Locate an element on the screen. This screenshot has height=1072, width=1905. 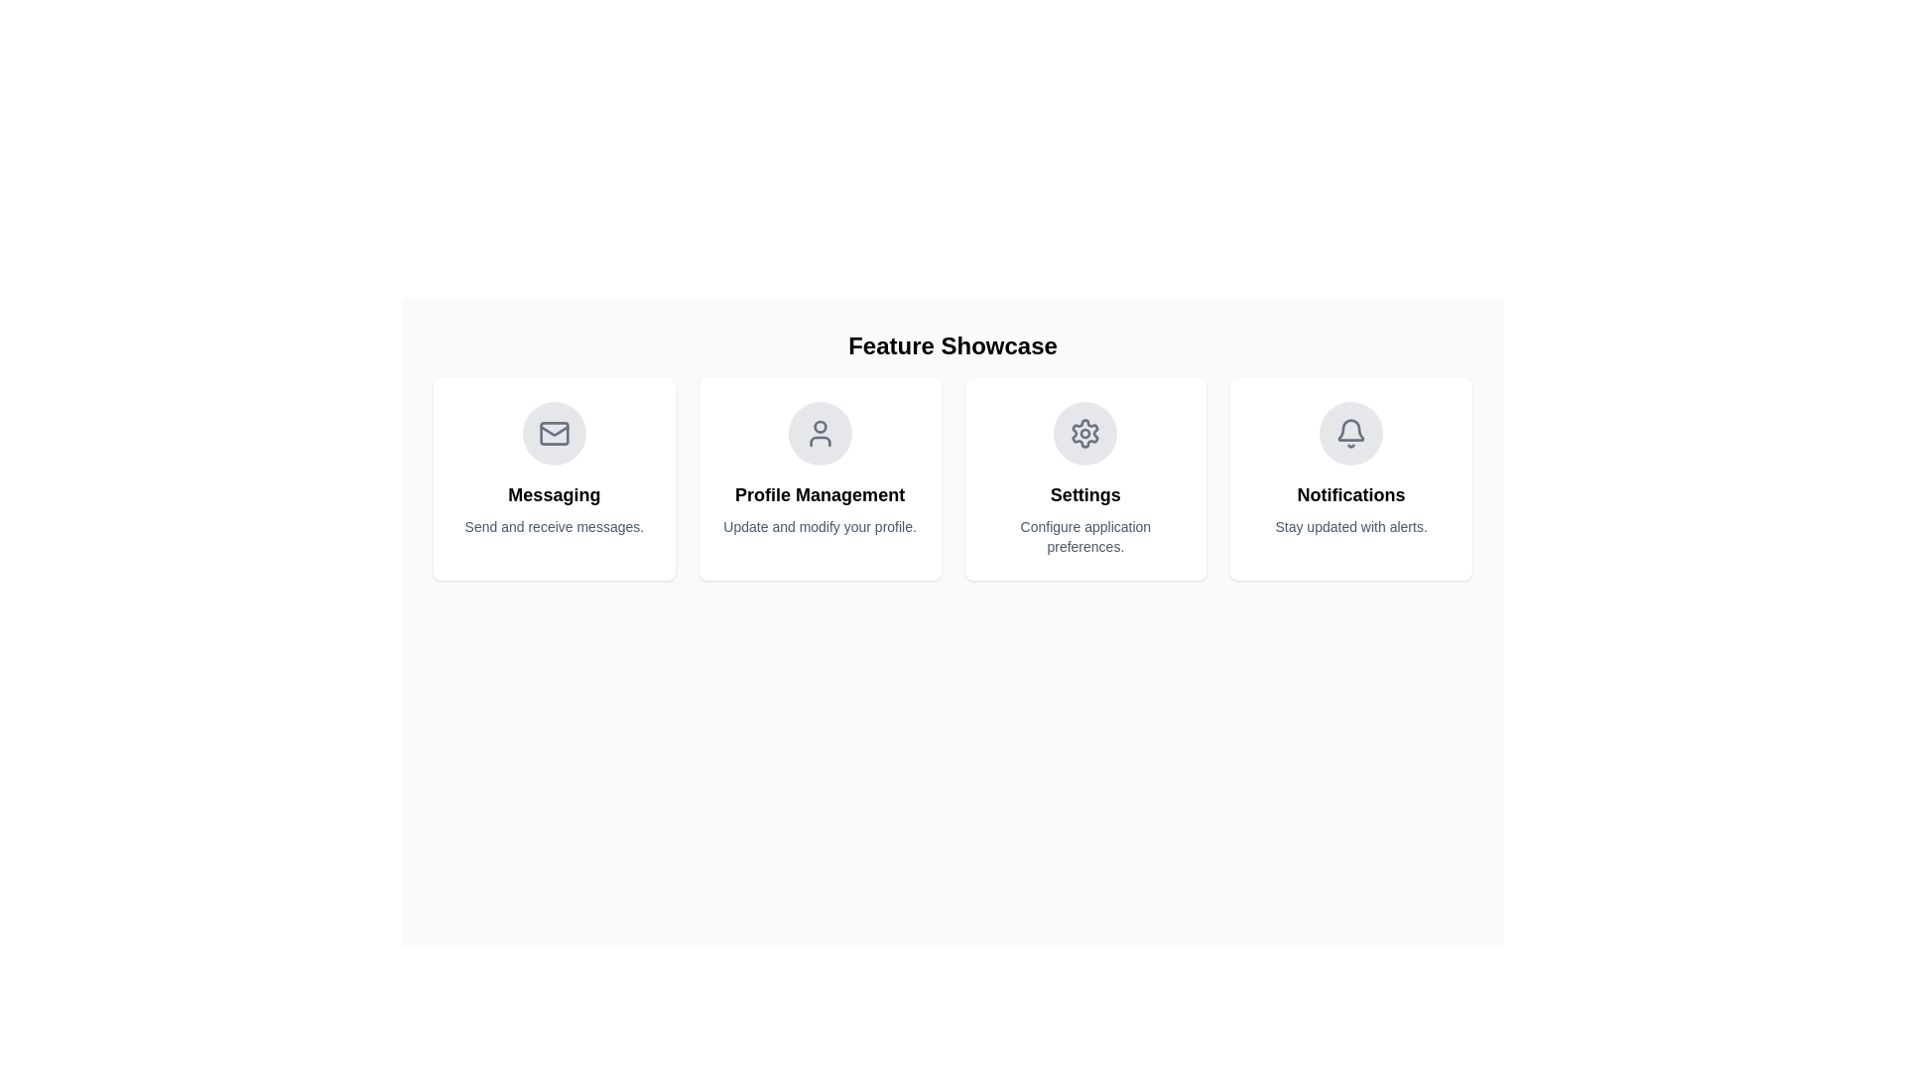
the main heading text of the notification feature card located in the top-right section of the grid layout is located at coordinates (1350, 493).